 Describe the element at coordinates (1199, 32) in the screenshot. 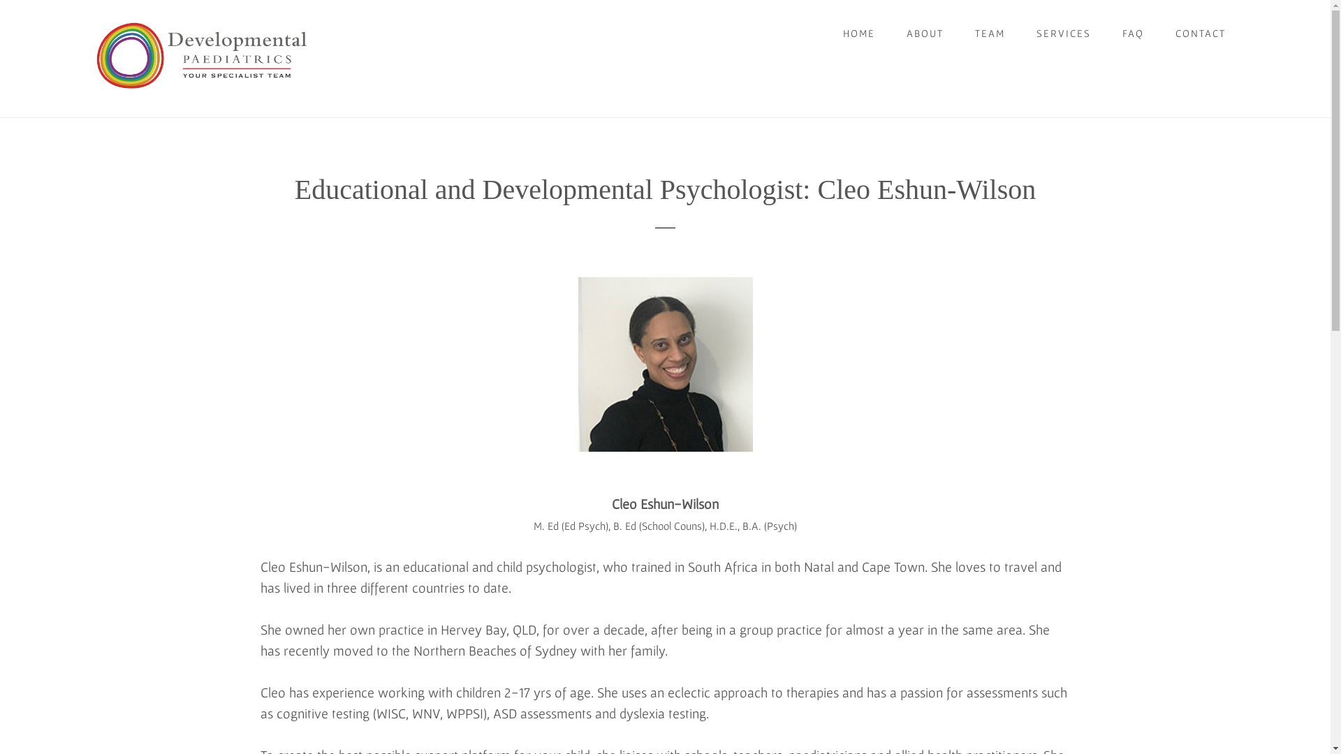

I see `'CONTACT'` at that location.